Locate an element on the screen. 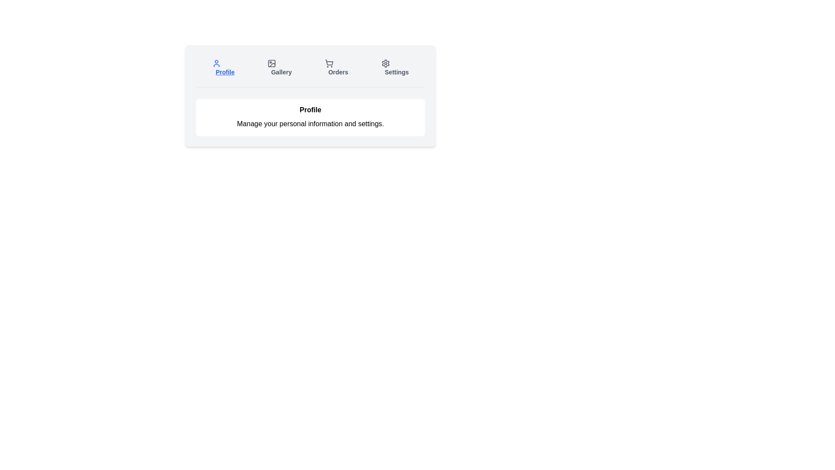 This screenshot has height=470, width=835. the tab labeled Gallery to display its content is located at coordinates (280, 67).